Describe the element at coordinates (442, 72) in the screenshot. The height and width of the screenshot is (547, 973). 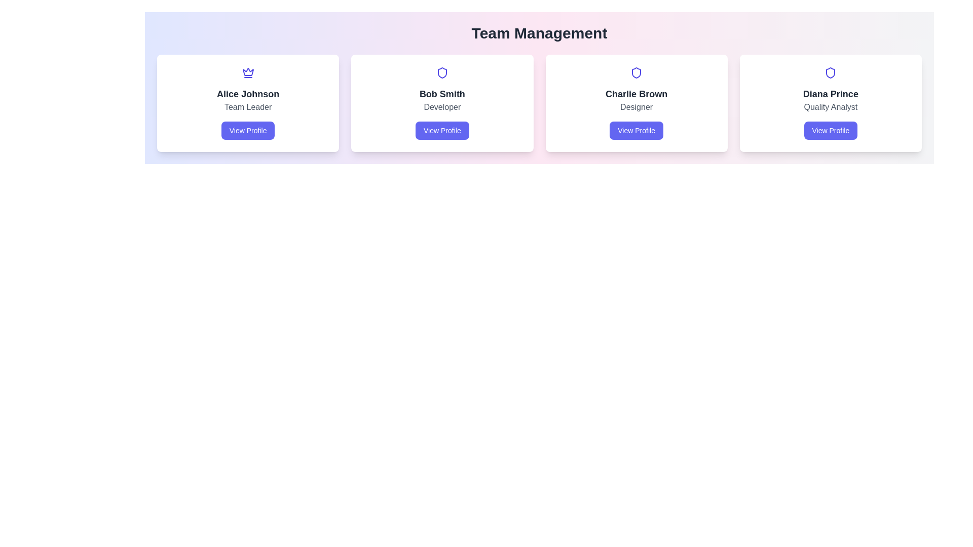
I see `the shield-shaped icon with a blue outline, representing security, located at the top center of the card for 'Bob Smith' in the second column of the grid` at that location.